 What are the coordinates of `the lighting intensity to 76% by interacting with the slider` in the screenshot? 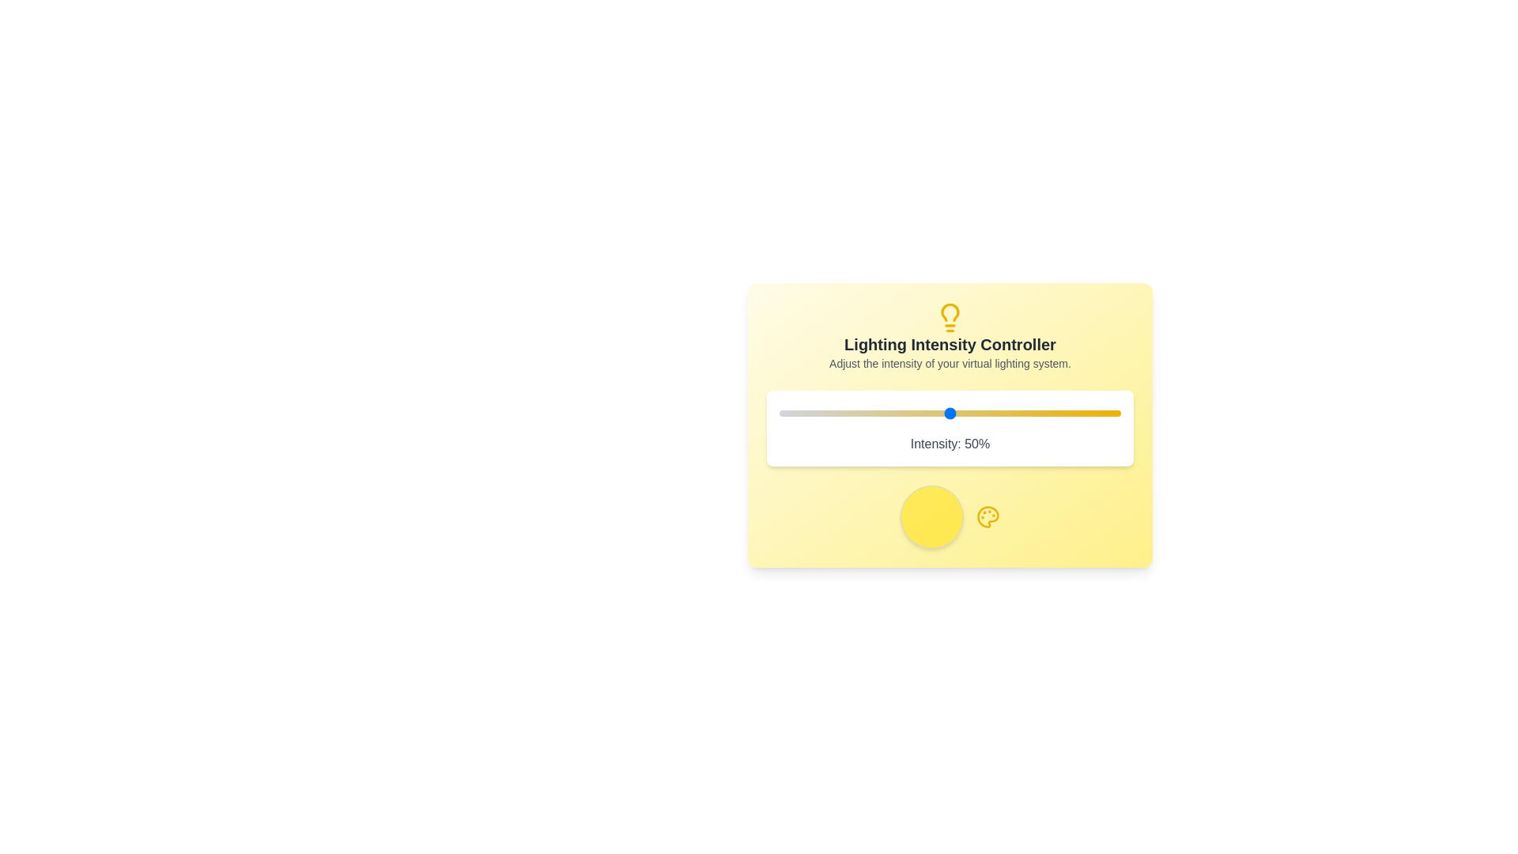 It's located at (1039, 413).